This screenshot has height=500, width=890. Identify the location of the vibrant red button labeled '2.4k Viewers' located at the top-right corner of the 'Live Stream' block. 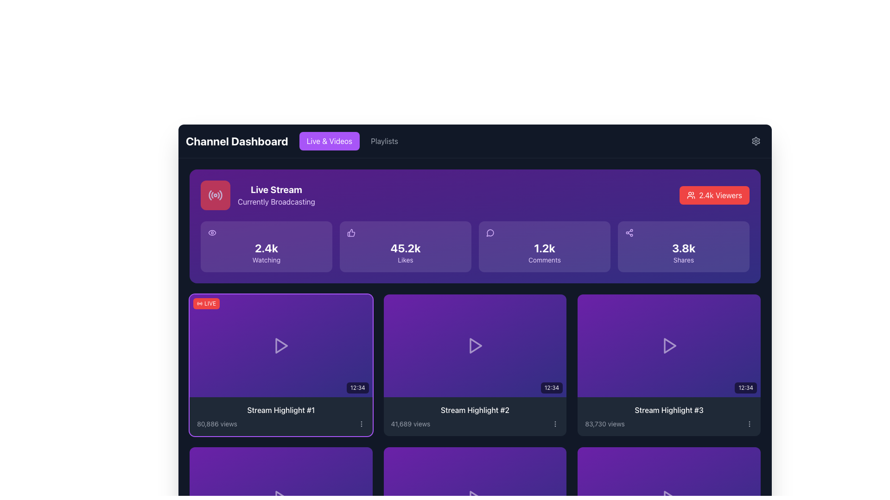
(714, 194).